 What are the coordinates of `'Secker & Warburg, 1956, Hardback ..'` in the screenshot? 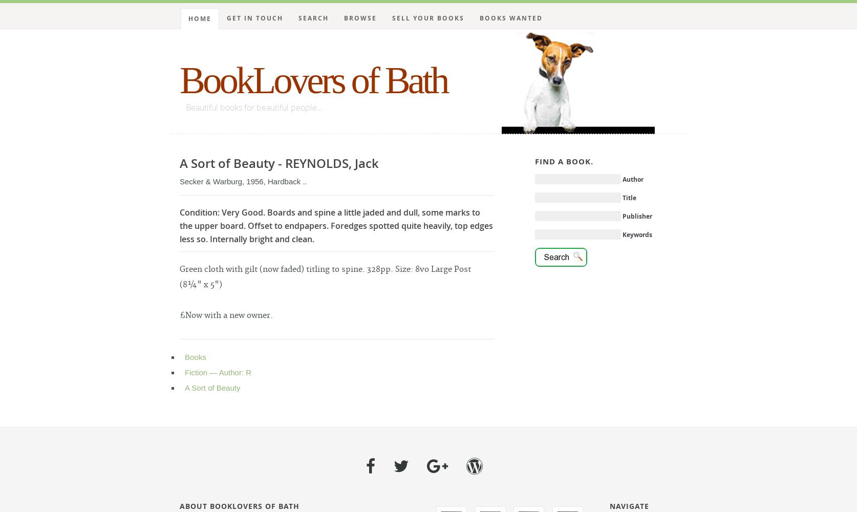 It's located at (243, 181).